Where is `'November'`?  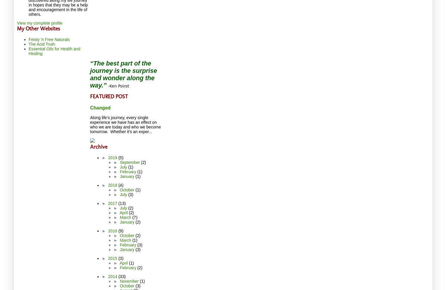 'November' is located at coordinates (130, 281).